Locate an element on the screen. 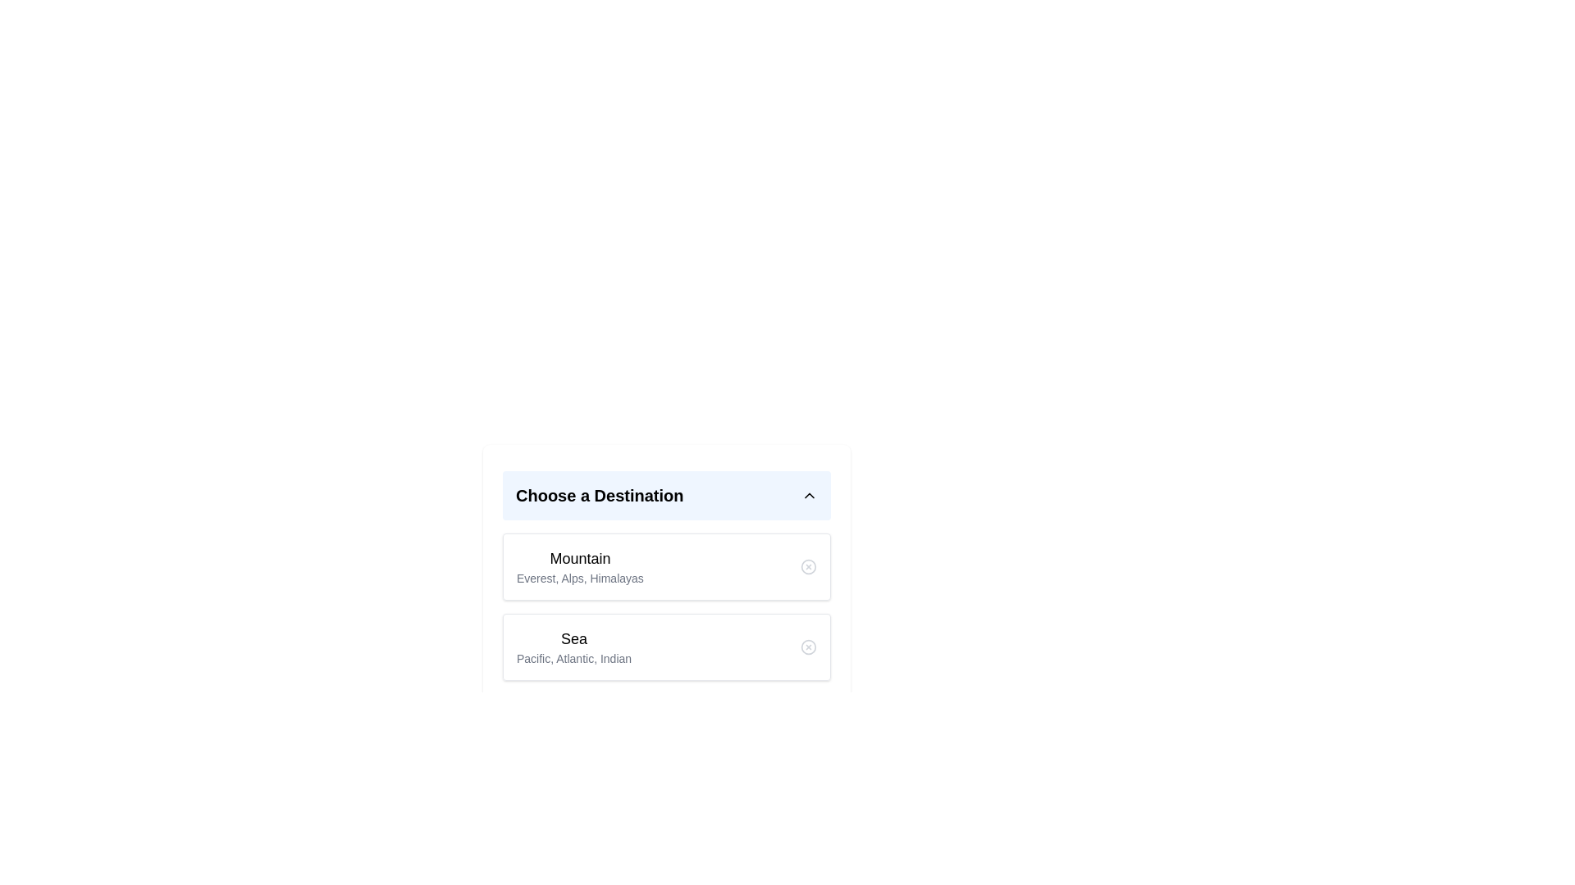 The height and width of the screenshot is (885, 1575). the informative text block labeled 'Sea' which lists 'Pacific, Atlantic, Indian' for context menu interactions is located at coordinates (574, 647).